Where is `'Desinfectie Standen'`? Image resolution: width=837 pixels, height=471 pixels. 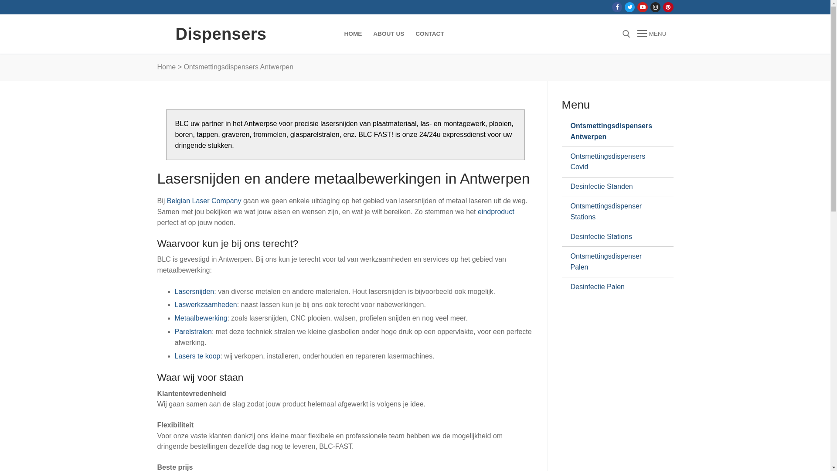 'Desinfectie Standen' is located at coordinates (613, 186).